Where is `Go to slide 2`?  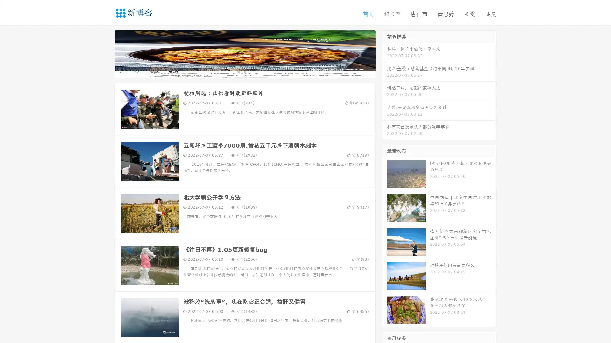 Go to slide 2 is located at coordinates (244, 71).